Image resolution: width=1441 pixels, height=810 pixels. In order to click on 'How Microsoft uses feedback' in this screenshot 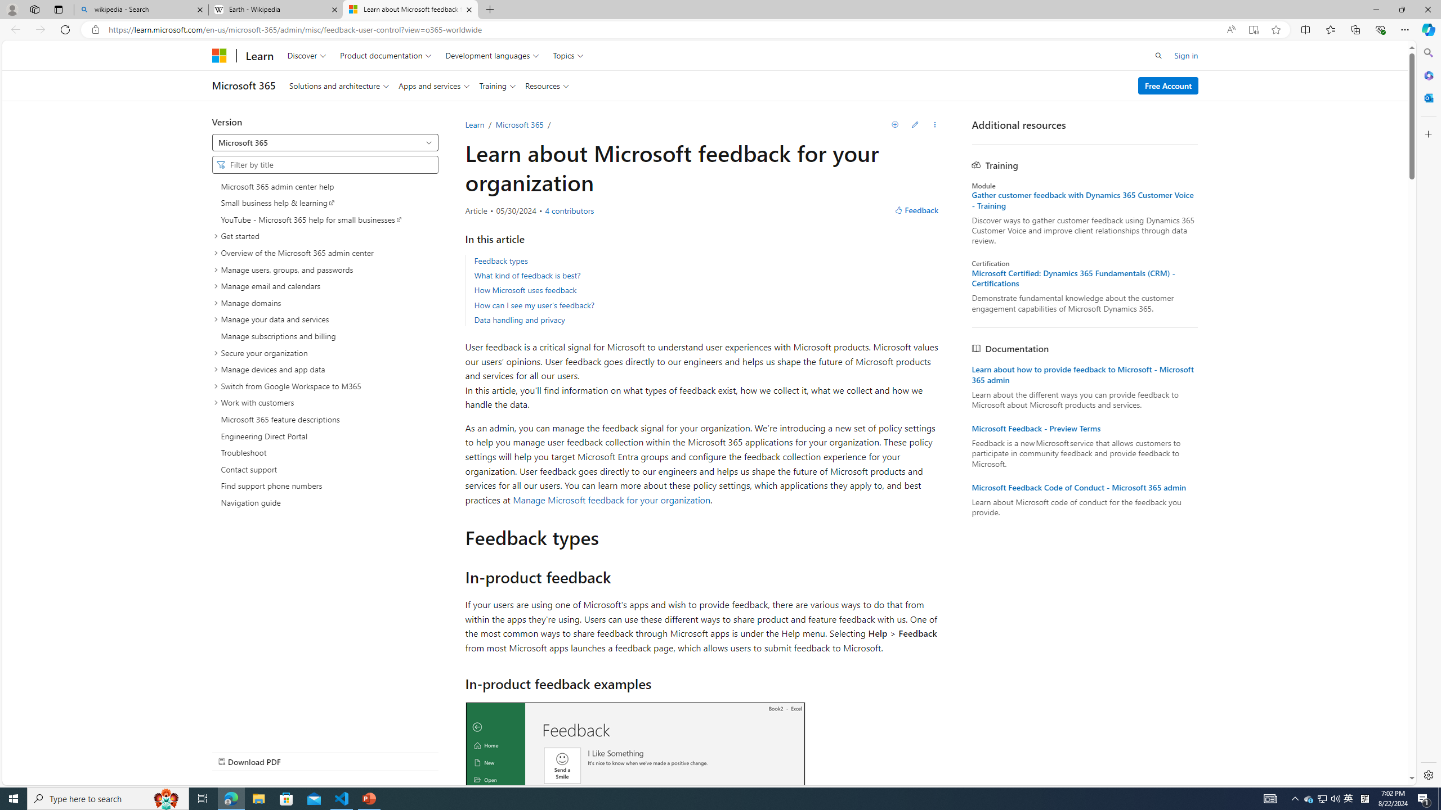, I will do `click(525, 289)`.